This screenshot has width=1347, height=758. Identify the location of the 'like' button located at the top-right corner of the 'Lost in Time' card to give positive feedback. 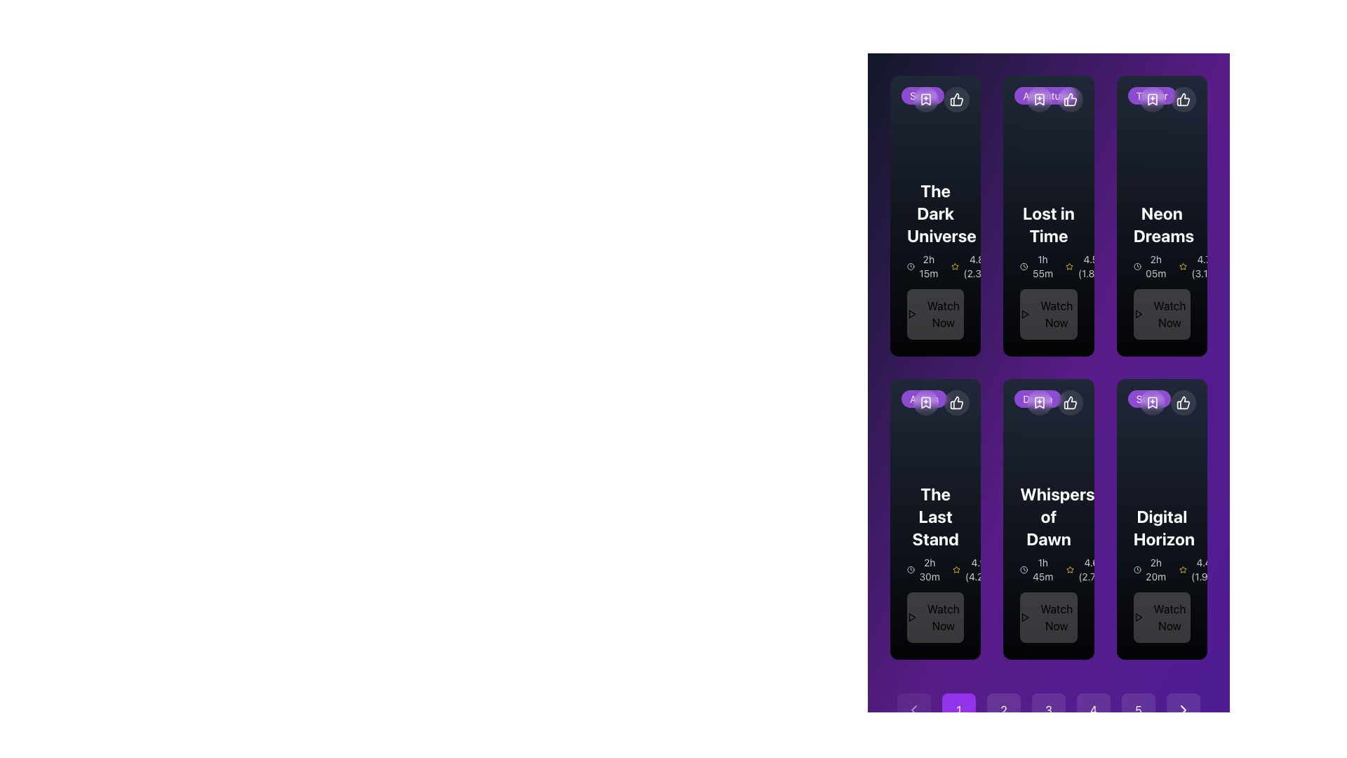
(1069, 99).